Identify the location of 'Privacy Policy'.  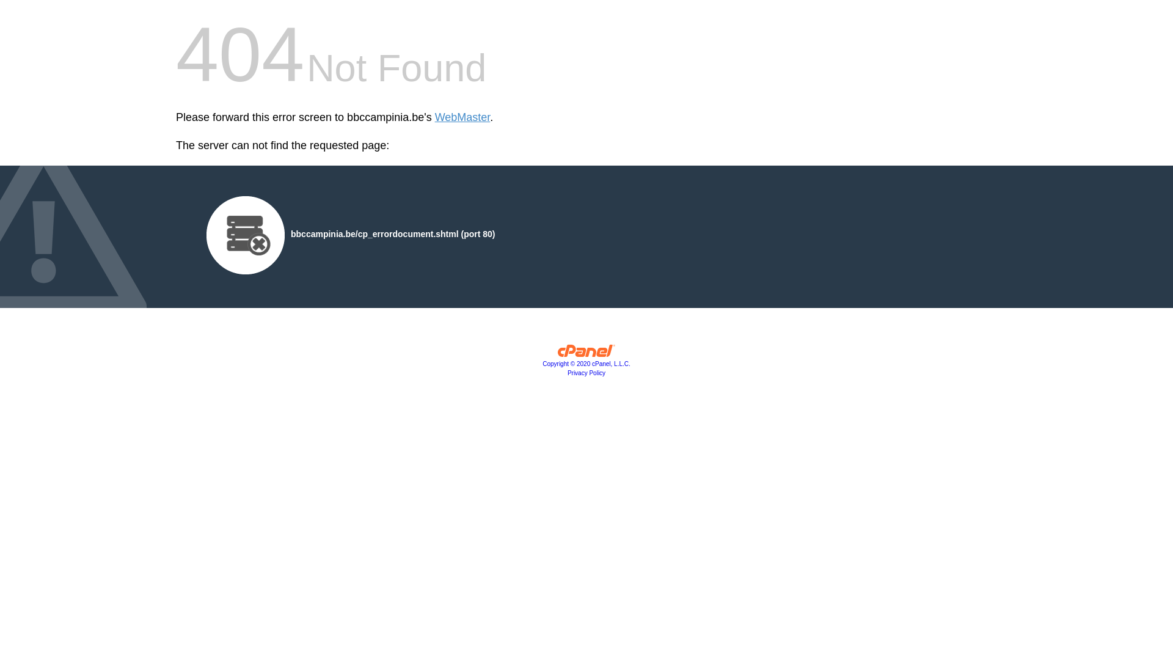
(586, 372).